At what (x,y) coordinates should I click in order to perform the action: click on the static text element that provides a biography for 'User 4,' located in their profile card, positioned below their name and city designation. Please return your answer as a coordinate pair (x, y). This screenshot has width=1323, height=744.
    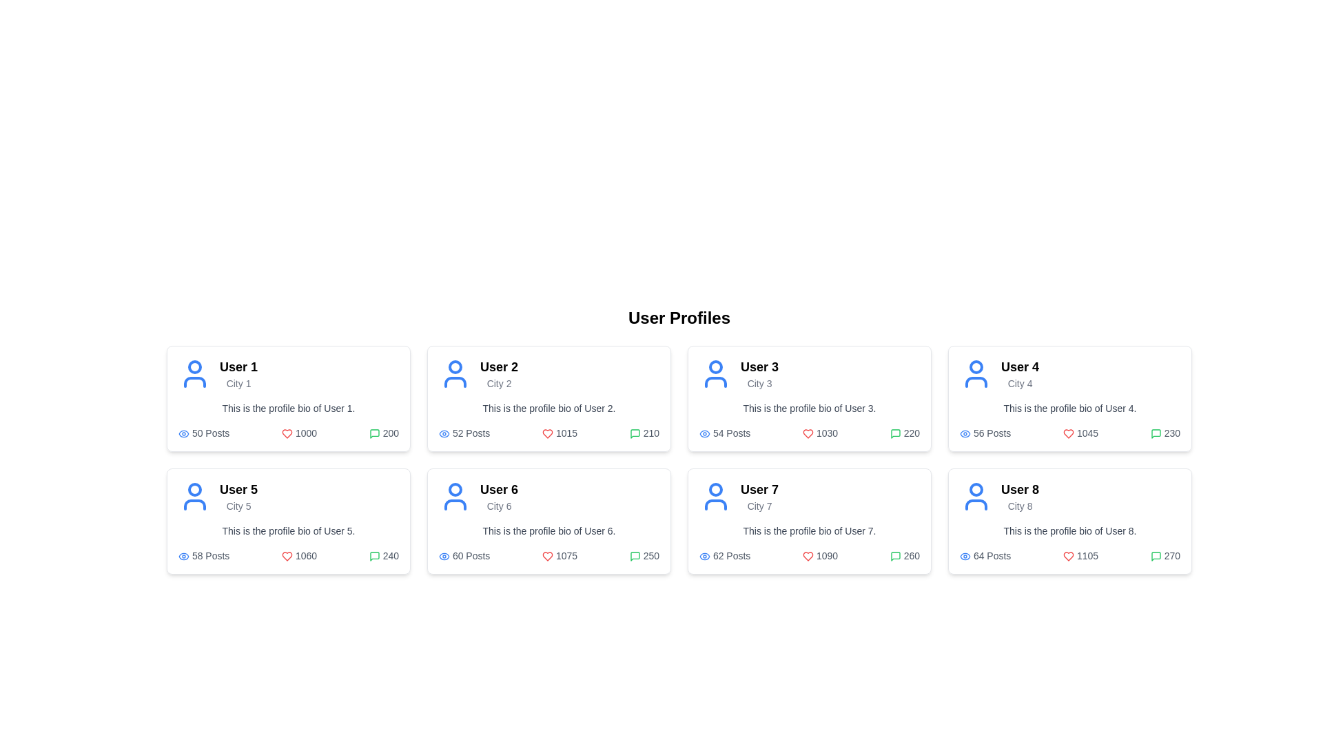
    Looking at the image, I should click on (1069, 408).